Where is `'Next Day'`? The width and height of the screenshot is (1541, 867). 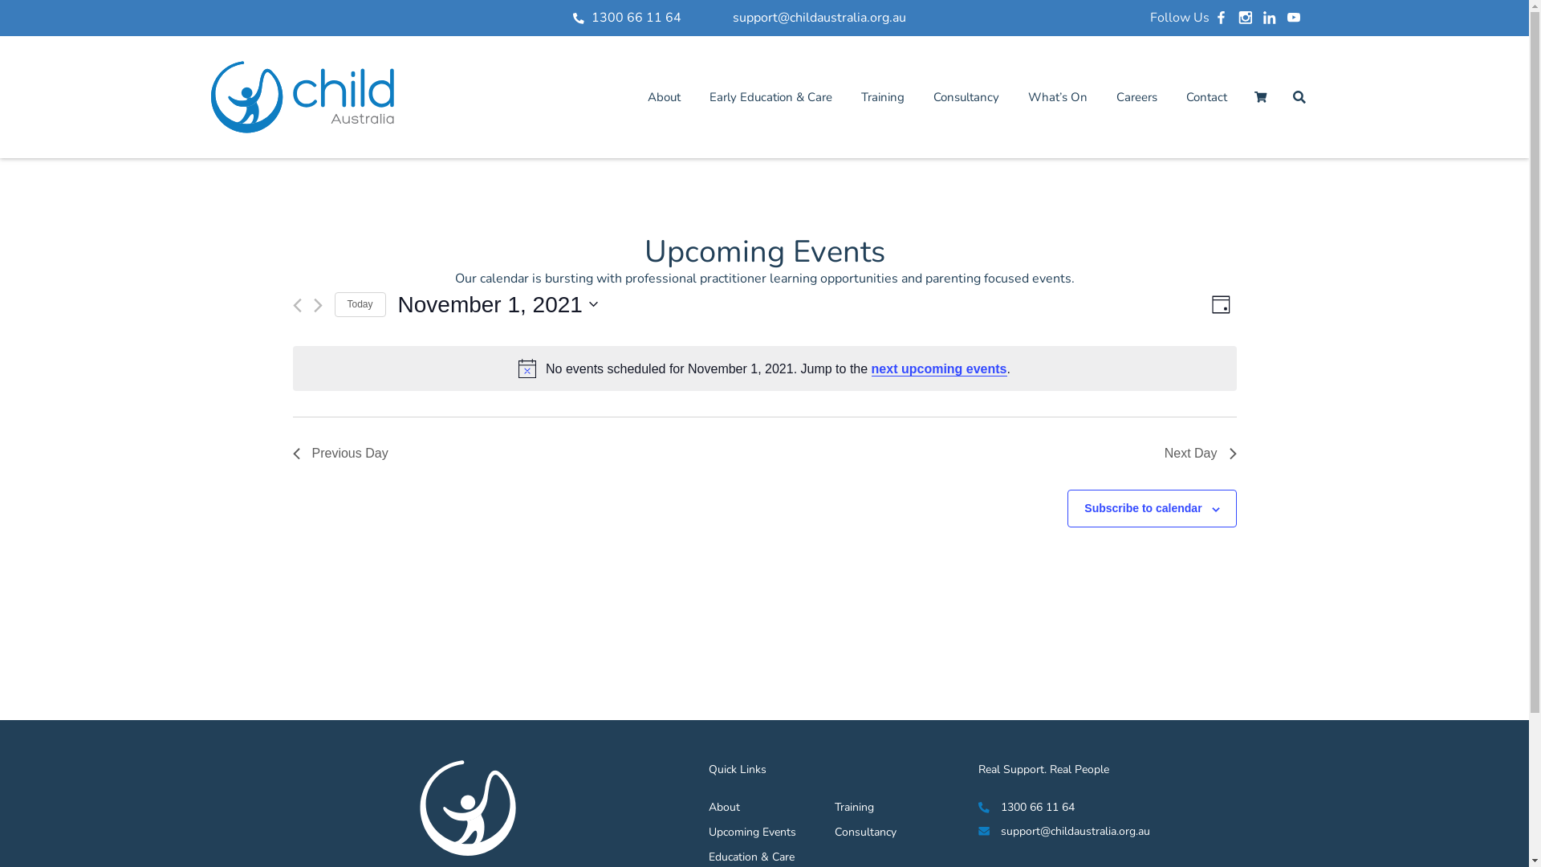
'Next Day' is located at coordinates (1201, 453).